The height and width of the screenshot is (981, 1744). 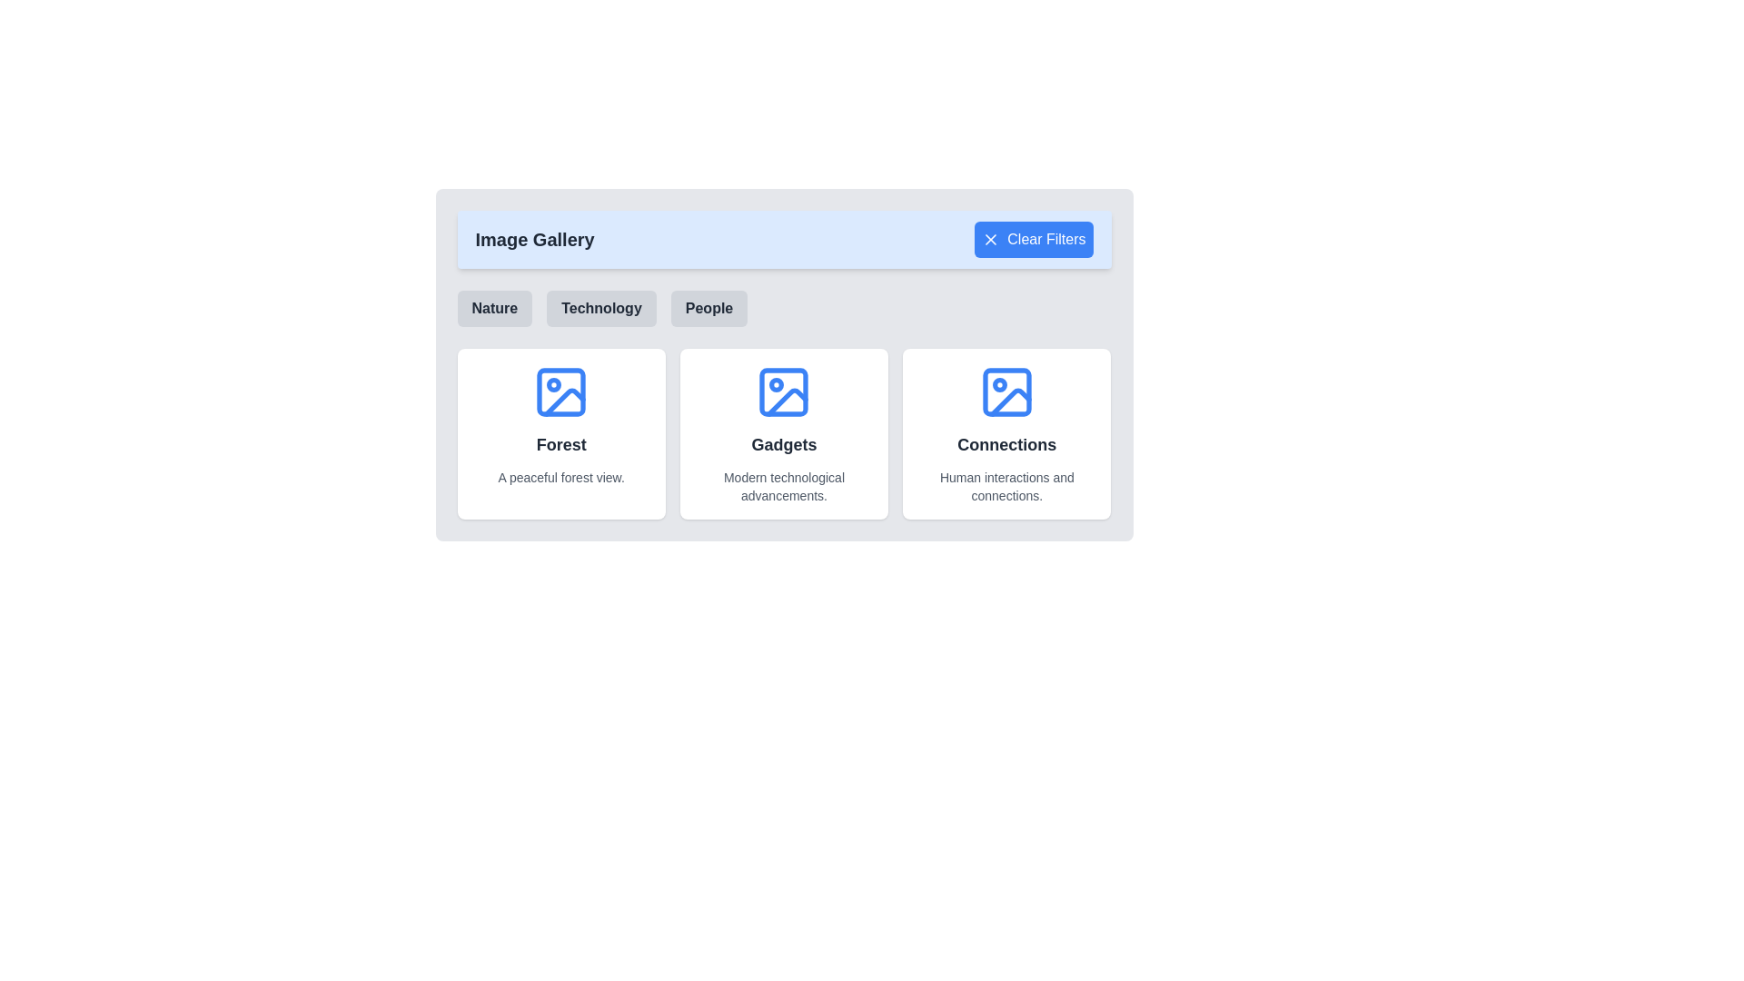 What do you see at coordinates (784, 307) in the screenshot?
I see `the 'Nature' button in the group of interactive buttons located below the 'Clear Filters' button and above the picture grid section to filter content` at bounding box center [784, 307].